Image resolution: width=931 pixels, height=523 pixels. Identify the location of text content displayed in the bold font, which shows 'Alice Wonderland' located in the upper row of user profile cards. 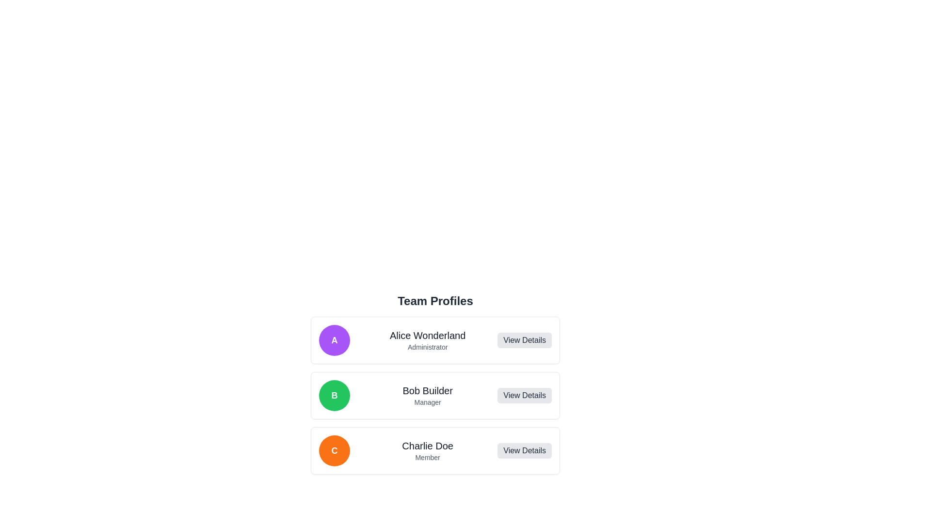
(427, 335).